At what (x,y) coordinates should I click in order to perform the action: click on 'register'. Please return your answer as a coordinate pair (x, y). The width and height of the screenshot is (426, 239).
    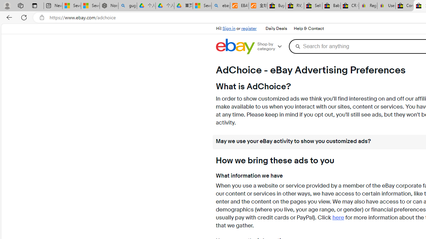
    Looking at the image, I should click on (249, 28).